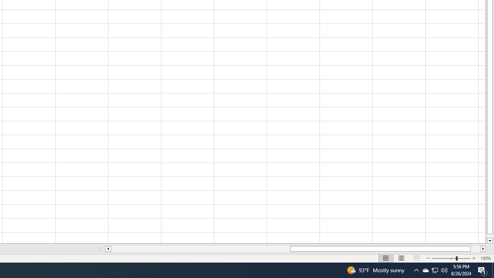 The height and width of the screenshot is (278, 494). I want to click on 'Zoom In', so click(473, 258).